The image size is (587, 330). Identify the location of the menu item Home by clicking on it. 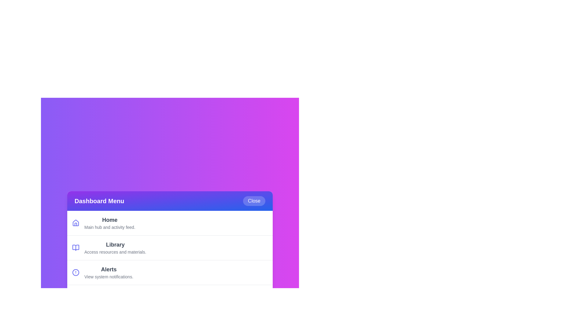
(170, 223).